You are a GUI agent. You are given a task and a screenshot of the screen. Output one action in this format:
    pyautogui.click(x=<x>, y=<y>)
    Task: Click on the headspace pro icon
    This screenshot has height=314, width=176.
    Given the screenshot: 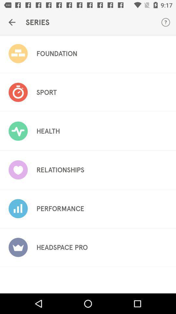 What is the action you would take?
    pyautogui.click(x=62, y=247)
    